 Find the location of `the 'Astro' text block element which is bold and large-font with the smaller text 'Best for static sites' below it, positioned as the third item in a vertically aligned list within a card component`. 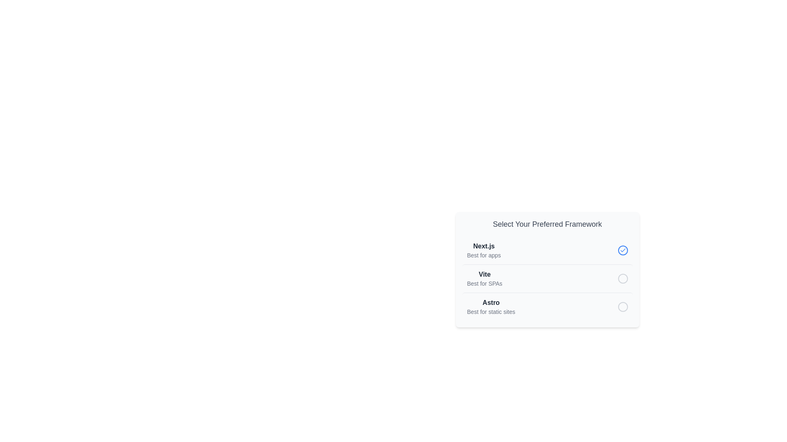

the 'Astro' text block element which is bold and large-font with the smaller text 'Best for static sites' below it, positioned as the third item in a vertically aligned list within a card component is located at coordinates (491, 307).